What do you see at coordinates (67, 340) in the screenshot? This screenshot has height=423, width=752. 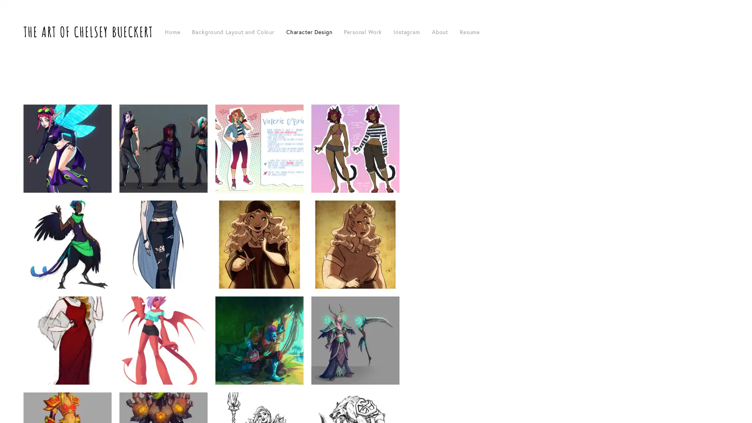 I see `View fullsize camilla.png` at bounding box center [67, 340].